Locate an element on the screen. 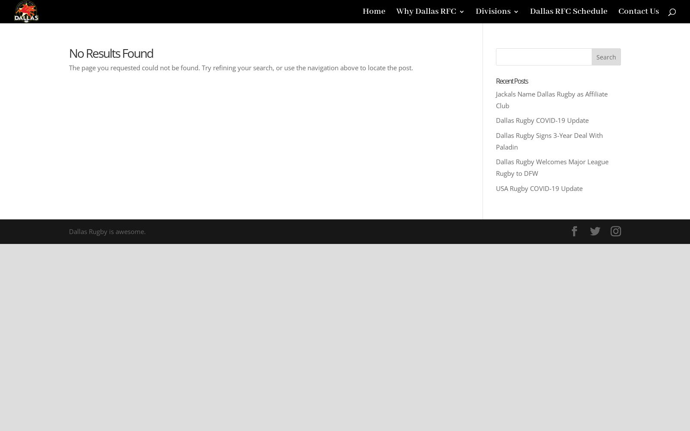 The image size is (690, 431). 'Dallas Men' is located at coordinates (514, 41).